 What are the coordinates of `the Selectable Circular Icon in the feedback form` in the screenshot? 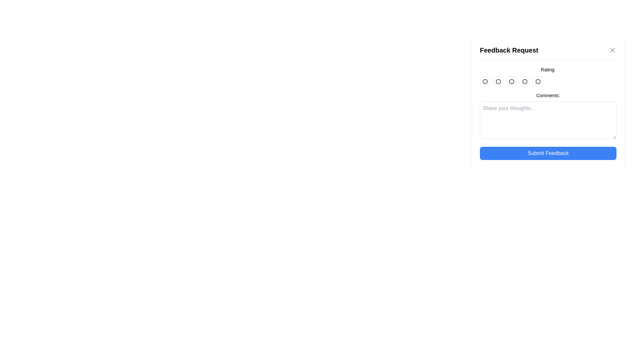 It's located at (511, 81).